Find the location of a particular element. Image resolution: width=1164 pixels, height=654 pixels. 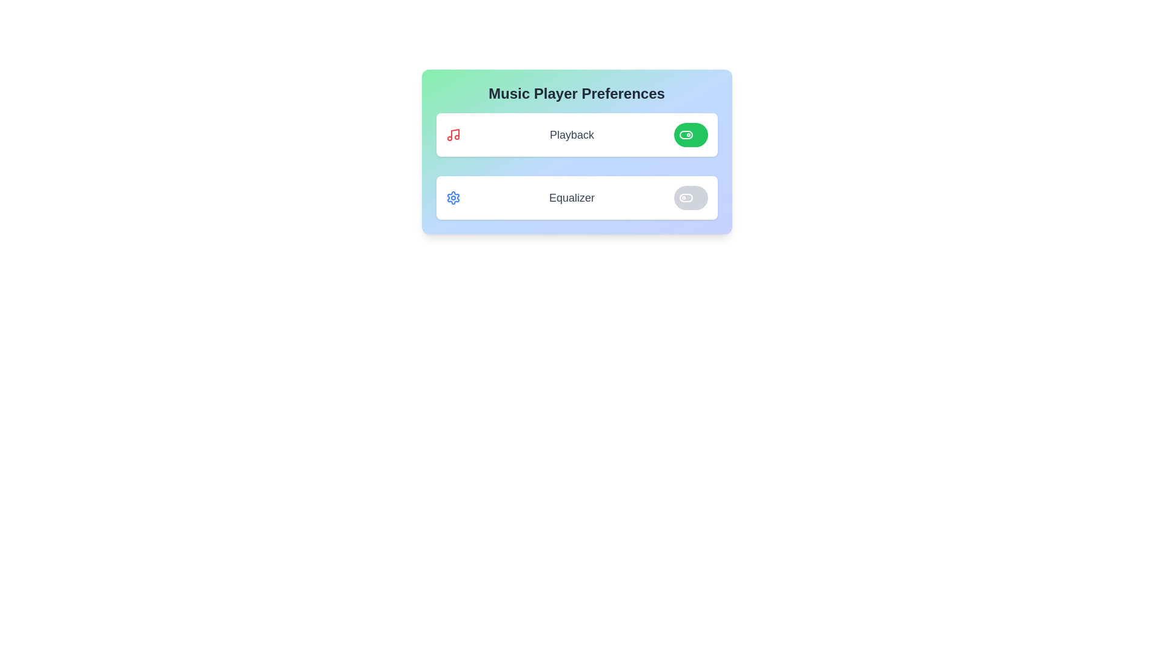

the toggle switch located in the 'Music Player Preferences' card is located at coordinates (691, 135).